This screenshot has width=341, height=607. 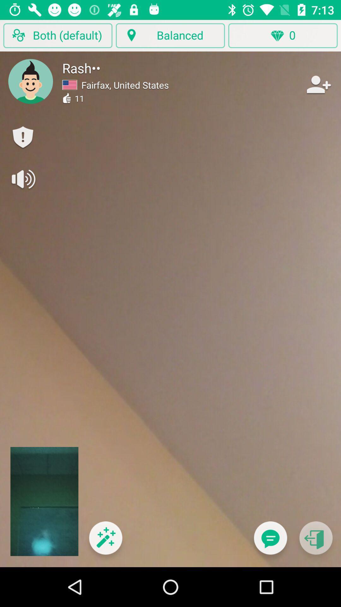 I want to click on item to the right of fairfax, united states, so click(x=318, y=84).